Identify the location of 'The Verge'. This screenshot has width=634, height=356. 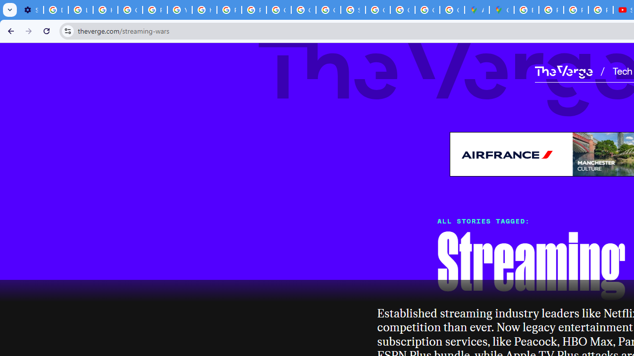
(563, 71).